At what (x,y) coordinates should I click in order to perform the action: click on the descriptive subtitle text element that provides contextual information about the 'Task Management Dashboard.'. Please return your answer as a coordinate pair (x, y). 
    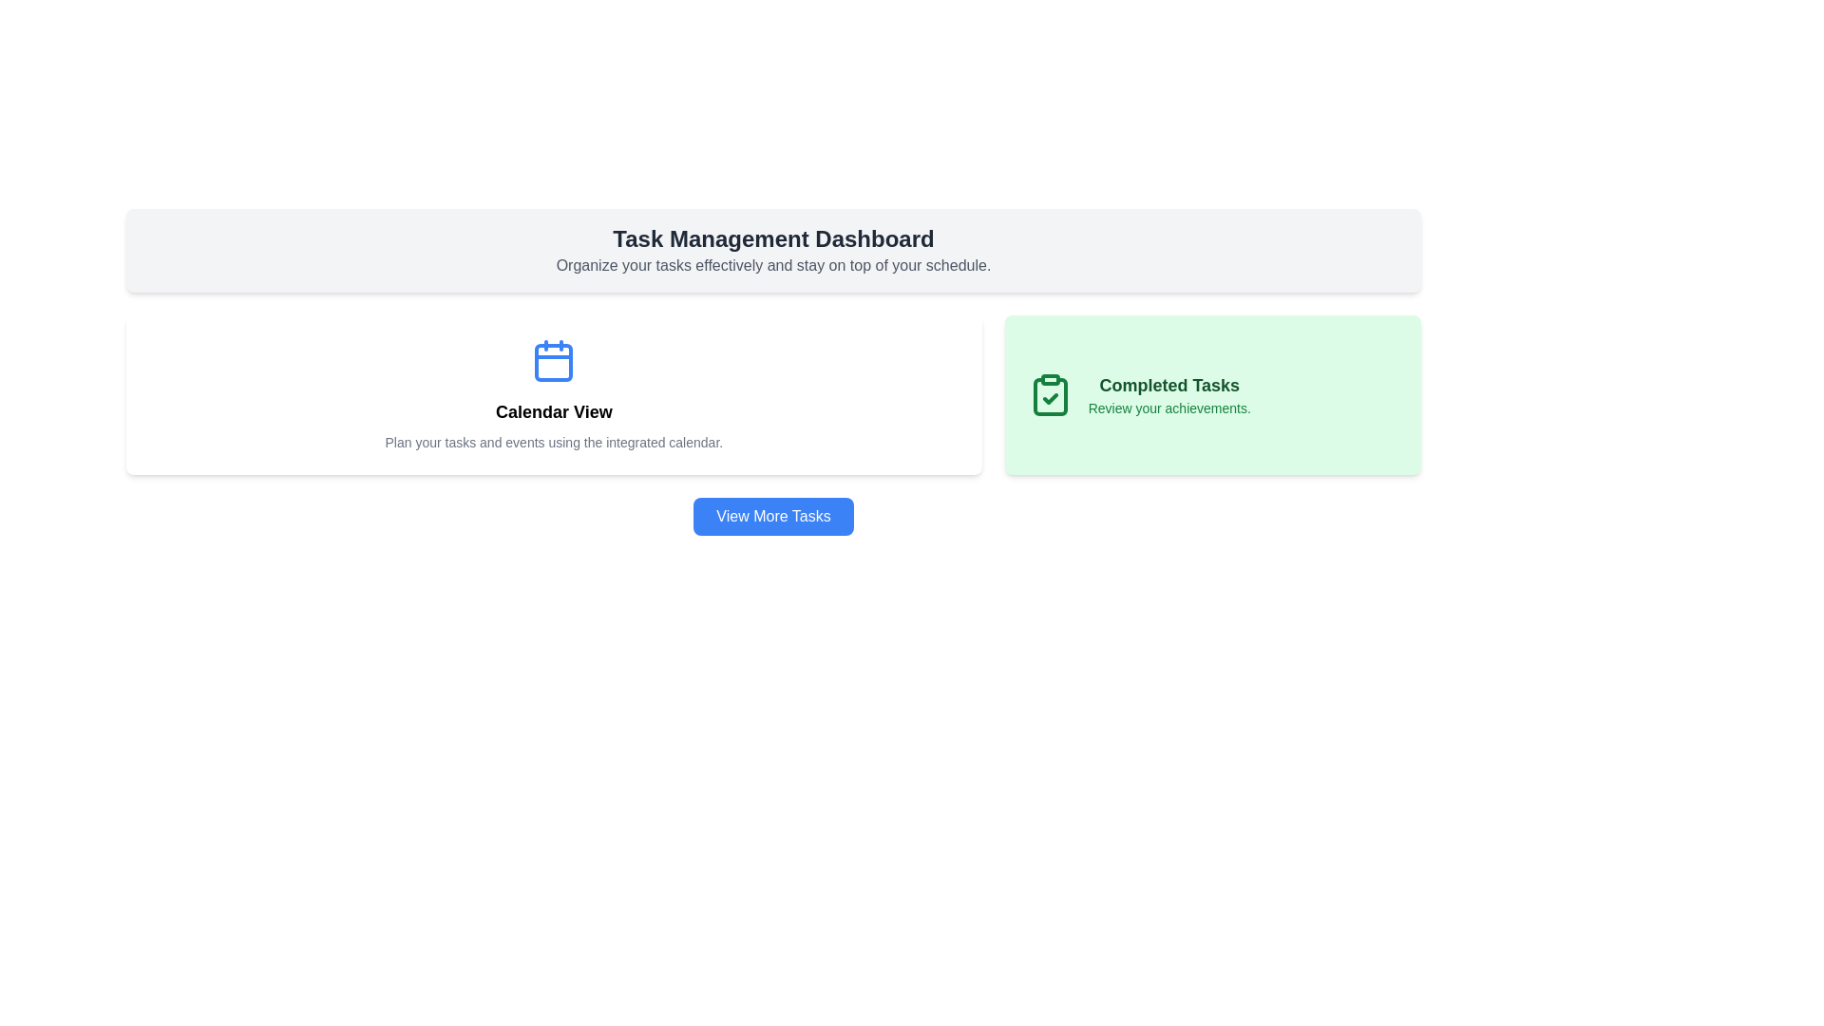
    Looking at the image, I should click on (773, 266).